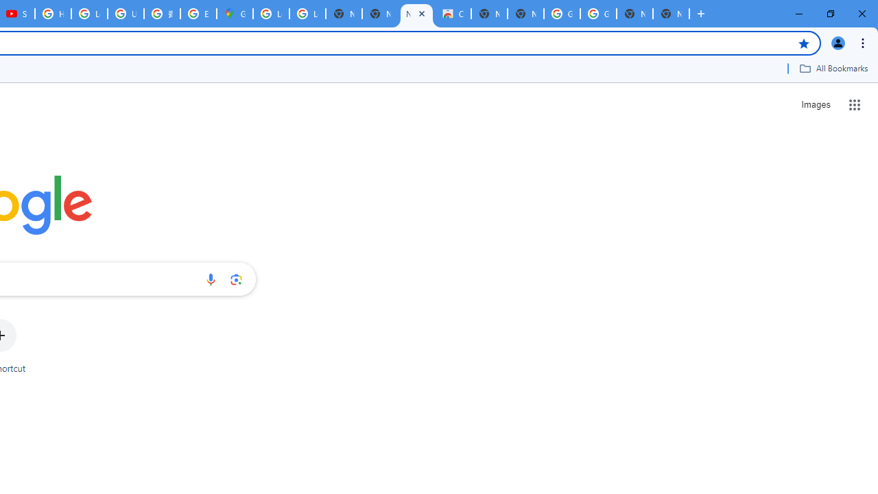 Image resolution: width=878 pixels, height=494 pixels. What do you see at coordinates (671, 14) in the screenshot?
I see `'New Tab'` at bounding box center [671, 14].